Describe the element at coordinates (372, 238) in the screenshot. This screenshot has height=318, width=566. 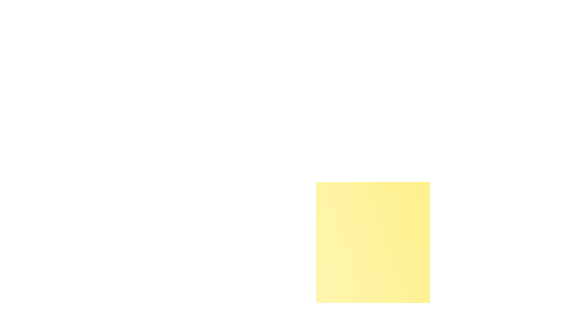
I see `the central square popup modal with a pale yellow gradient background to interact` at that location.